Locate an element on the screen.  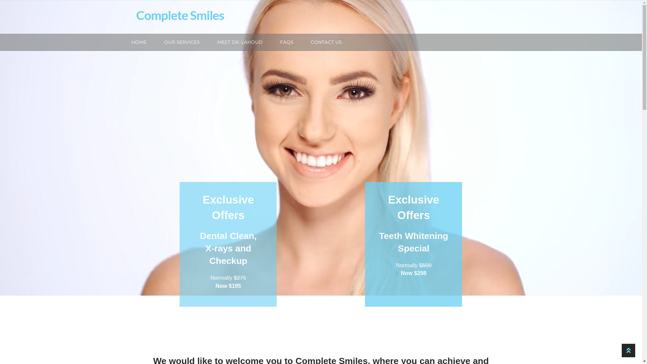
'HOME' is located at coordinates (138, 42).